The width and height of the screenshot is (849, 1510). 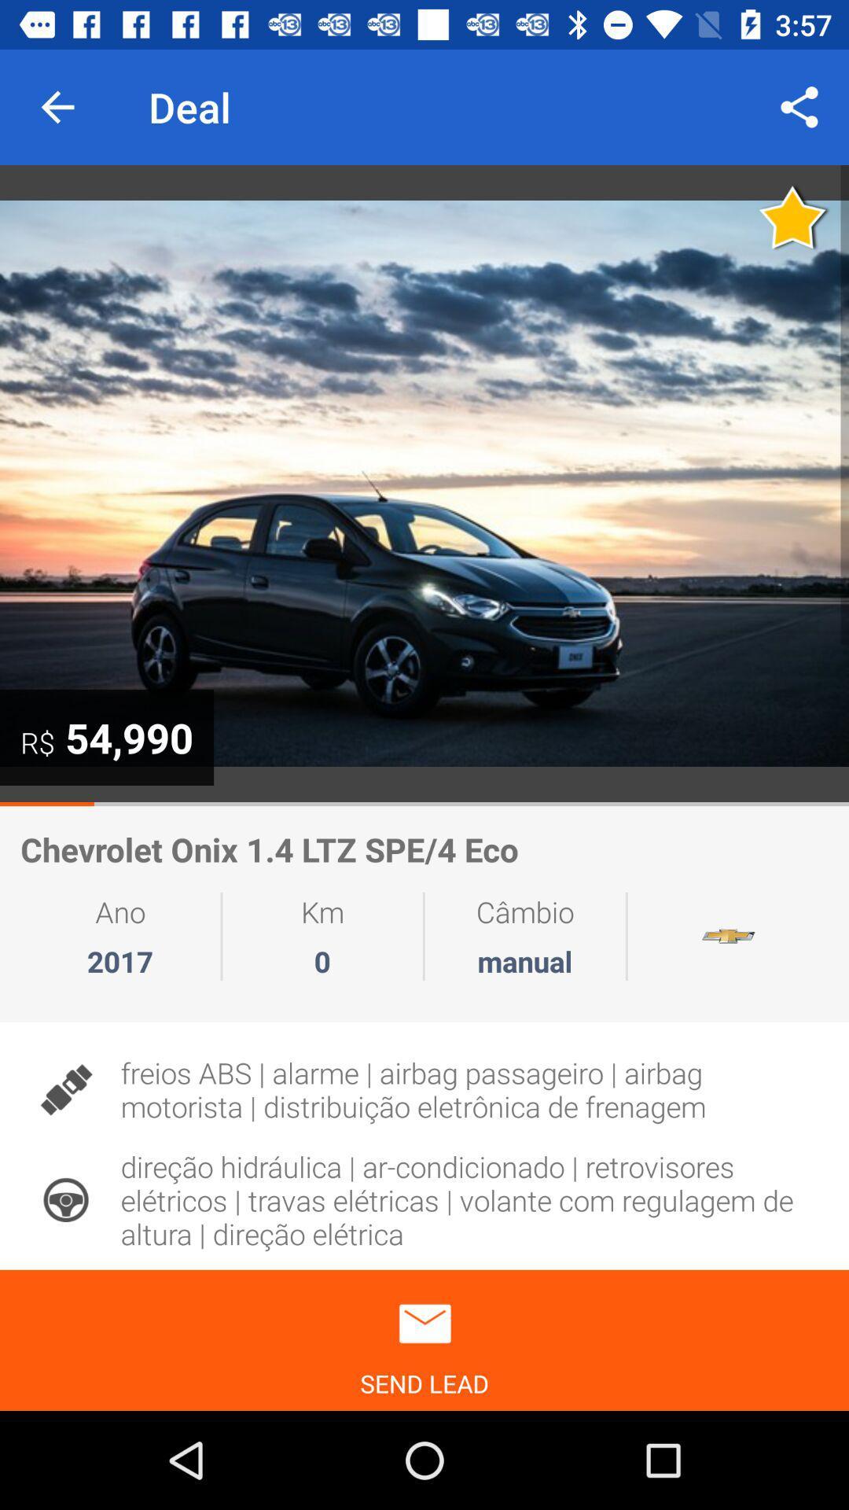 What do you see at coordinates (793, 216) in the screenshot?
I see `favourite option` at bounding box center [793, 216].